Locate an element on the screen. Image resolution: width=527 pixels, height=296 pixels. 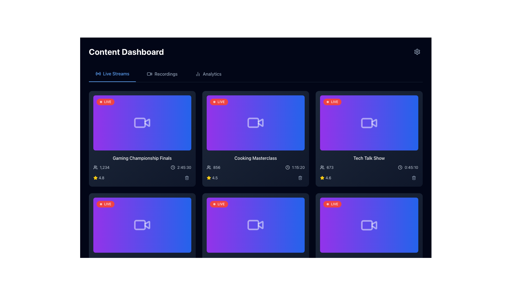
the delete icon button located in the bottom right corner of the 'Tech Talk Show' card is located at coordinates (414, 178).